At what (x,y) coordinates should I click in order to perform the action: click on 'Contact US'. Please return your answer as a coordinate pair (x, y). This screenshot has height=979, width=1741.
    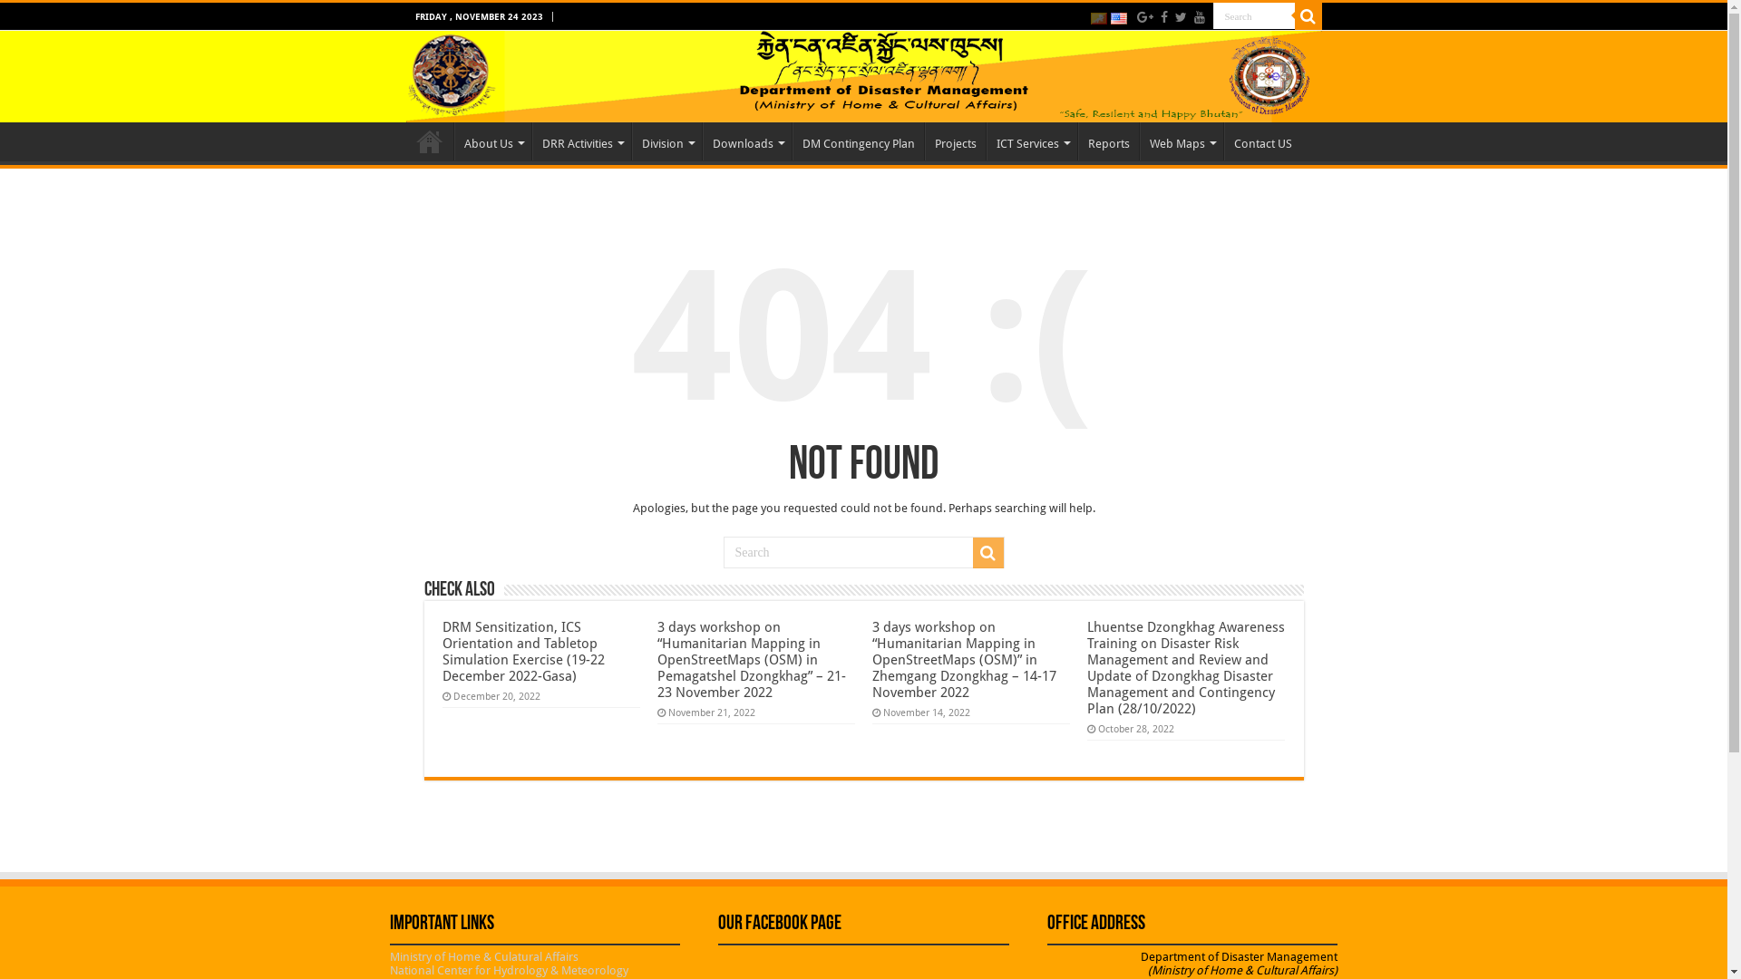
    Looking at the image, I should click on (1261, 140).